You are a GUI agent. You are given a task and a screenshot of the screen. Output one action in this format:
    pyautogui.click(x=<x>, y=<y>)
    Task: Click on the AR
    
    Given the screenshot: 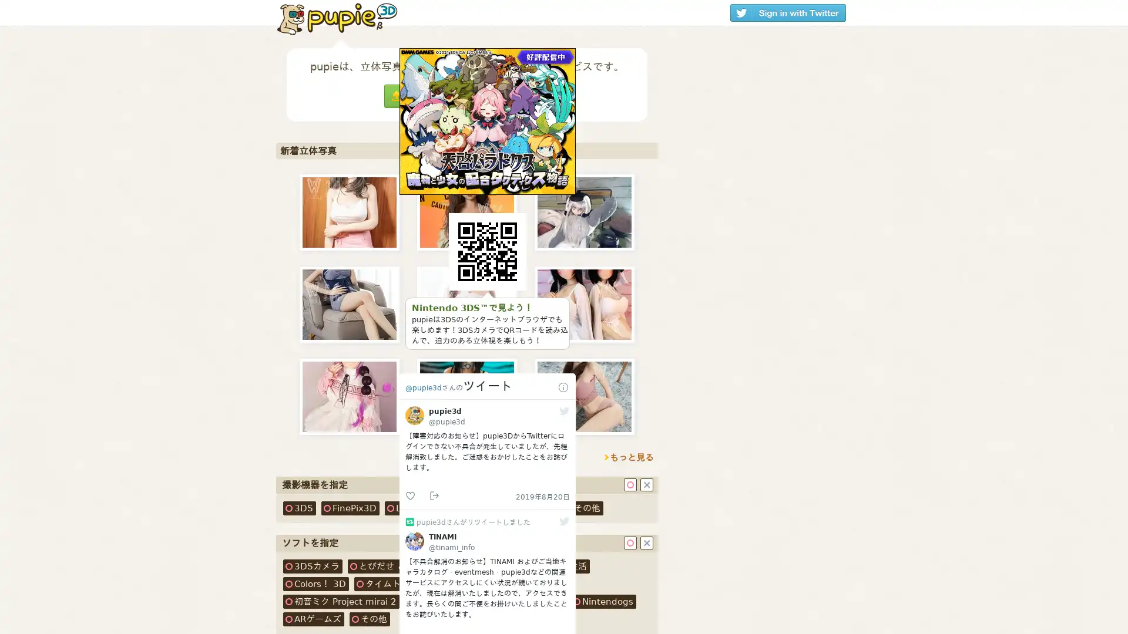 What is the action you would take?
    pyautogui.click(x=313, y=619)
    